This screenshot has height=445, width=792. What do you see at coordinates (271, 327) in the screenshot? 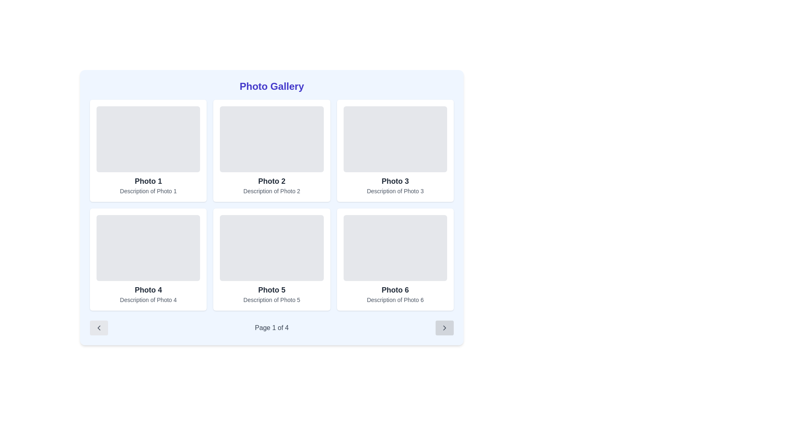
I see `the informational text displaying 'Page 1 of 4', which is styled in gray font and located at the bottom of the interface` at bounding box center [271, 327].